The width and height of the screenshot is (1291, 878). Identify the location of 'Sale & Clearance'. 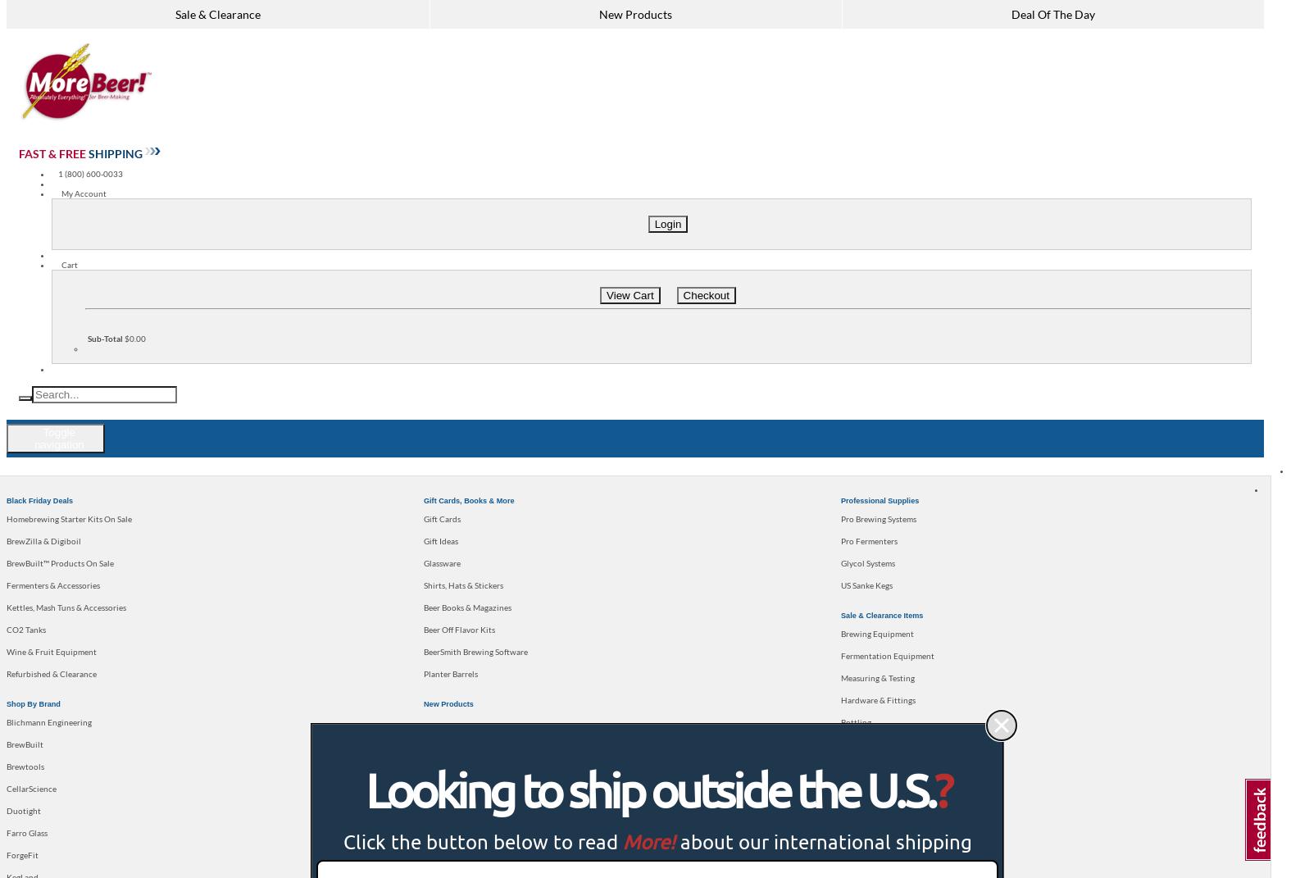
(217, 13).